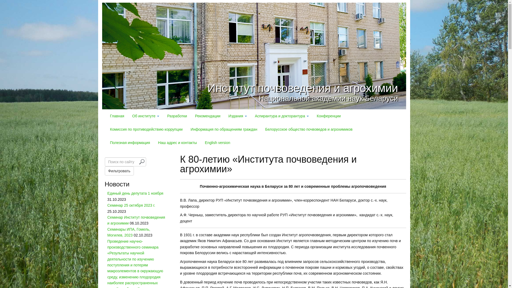  What do you see at coordinates (201, 142) in the screenshot?
I see `'English version'` at bounding box center [201, 142].